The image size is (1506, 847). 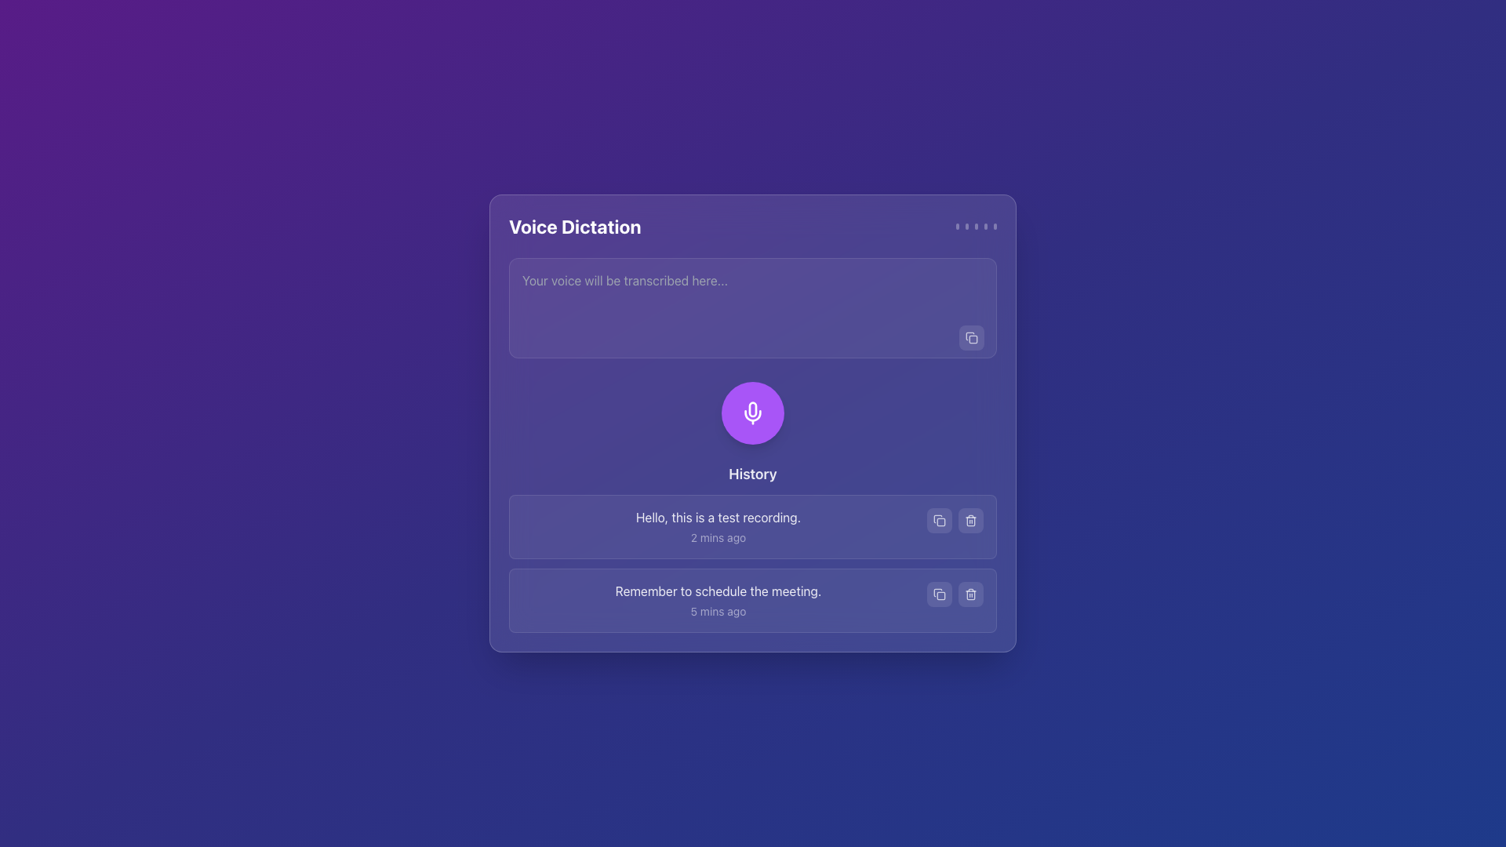 What do you see at coordinates (753, 413) in the screenshot?
I see `the circular purple button with a white microphone icon in the 'Voice Dictation' module` at bounding box center [753, 413].